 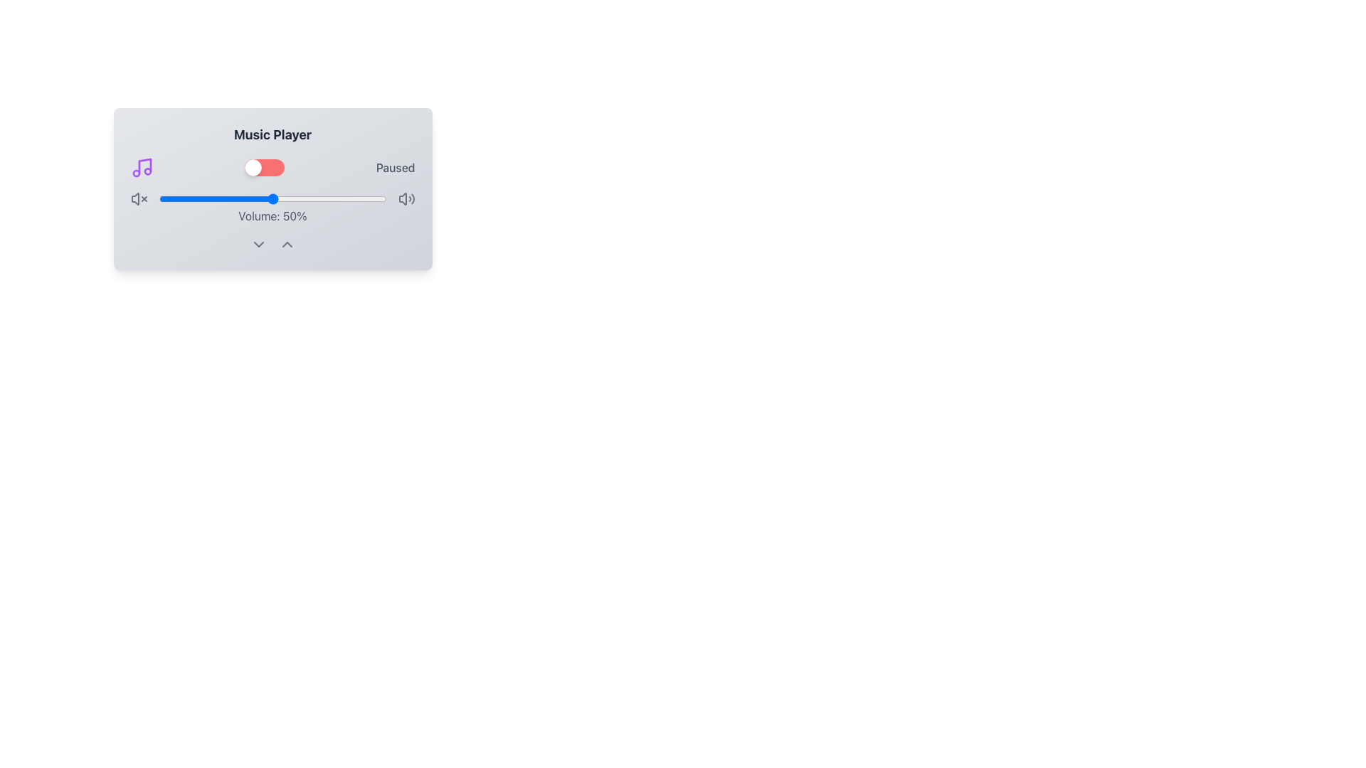 I want to click on volume, so click(x=224, y=199).